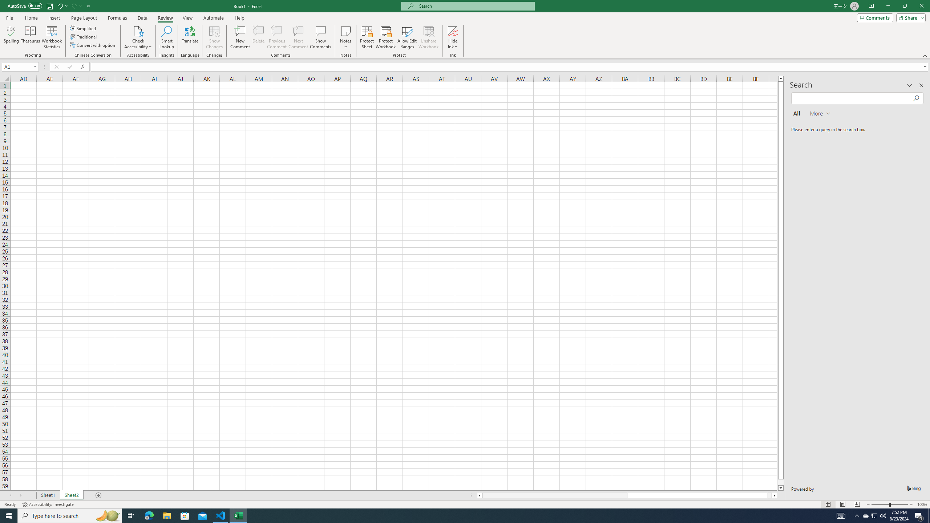 The height and width of the screenshot is (523, 930). Describe the element at coordinates (52, 37) in the screenshot. I see `'Workbook Statistics'` at that location.